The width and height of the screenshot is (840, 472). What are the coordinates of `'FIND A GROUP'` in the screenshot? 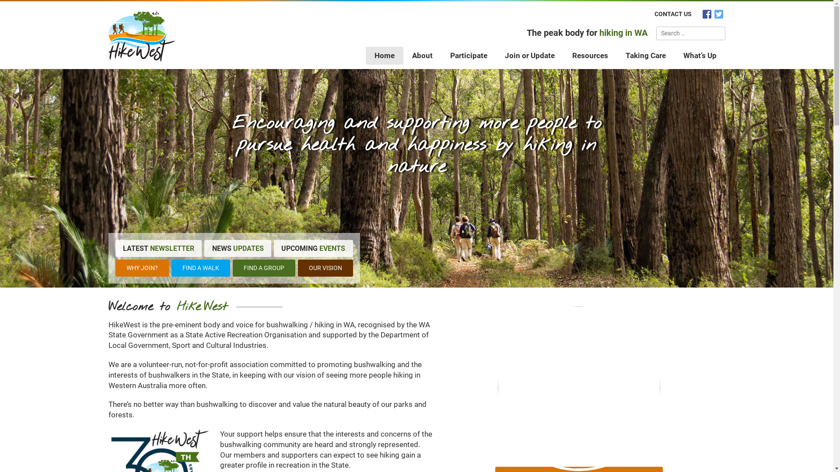 It's located at (263, 267).